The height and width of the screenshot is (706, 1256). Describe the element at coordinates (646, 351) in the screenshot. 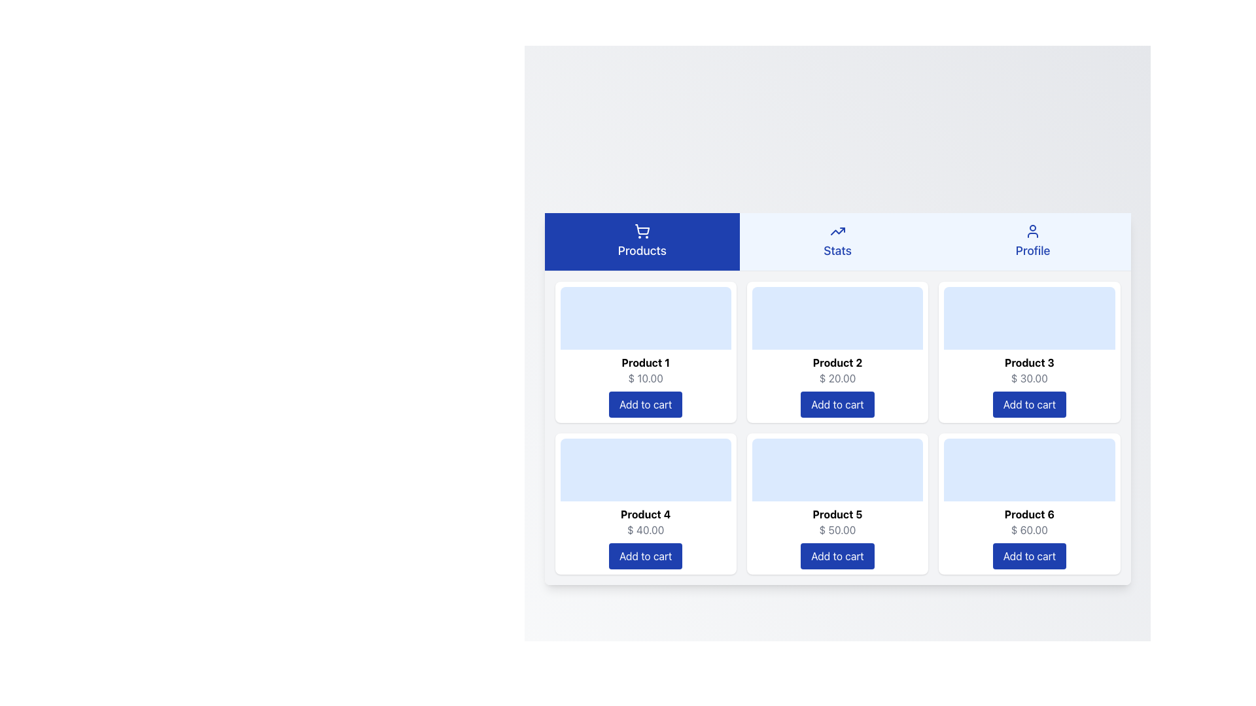

I see `the product details by interacting with the first Product Card located at the top-left corner of the grid layout` at that location.